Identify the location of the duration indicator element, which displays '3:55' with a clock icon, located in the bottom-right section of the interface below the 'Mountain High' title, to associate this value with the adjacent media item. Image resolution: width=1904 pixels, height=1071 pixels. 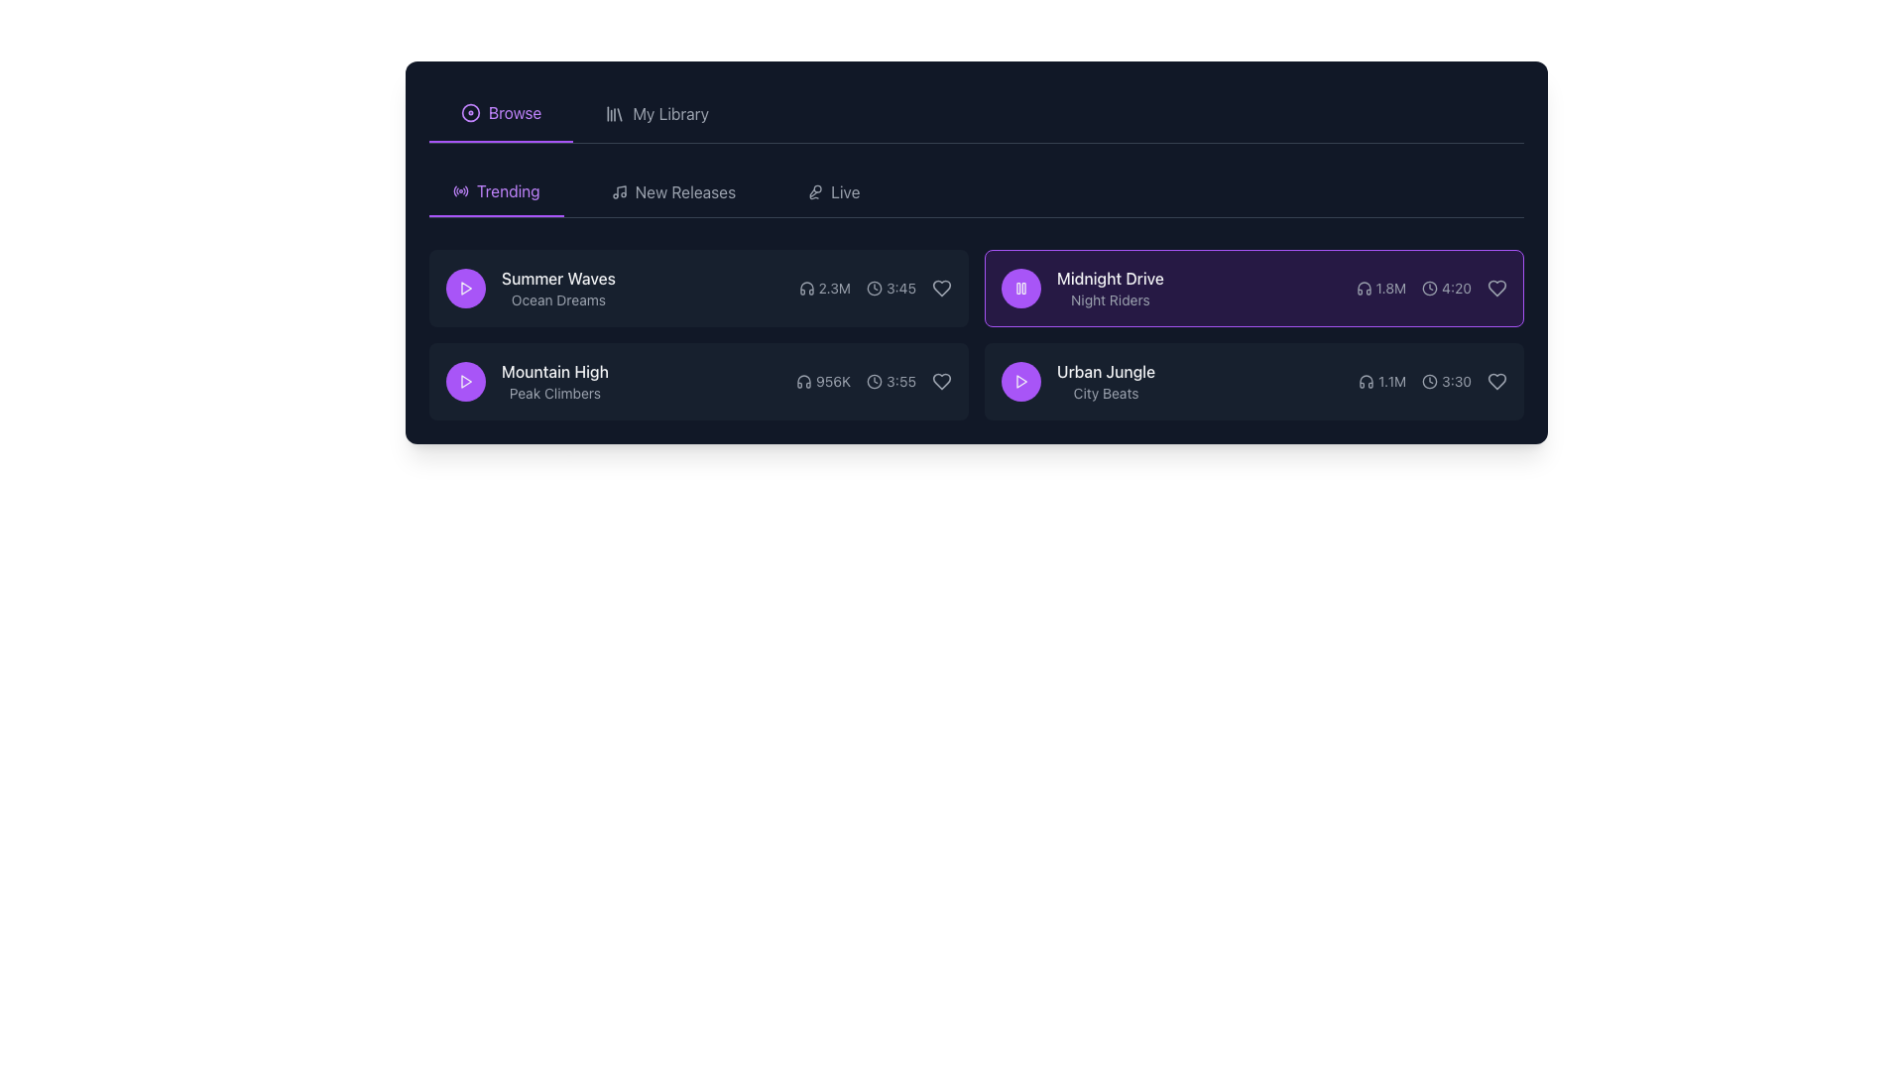
(873, 382).